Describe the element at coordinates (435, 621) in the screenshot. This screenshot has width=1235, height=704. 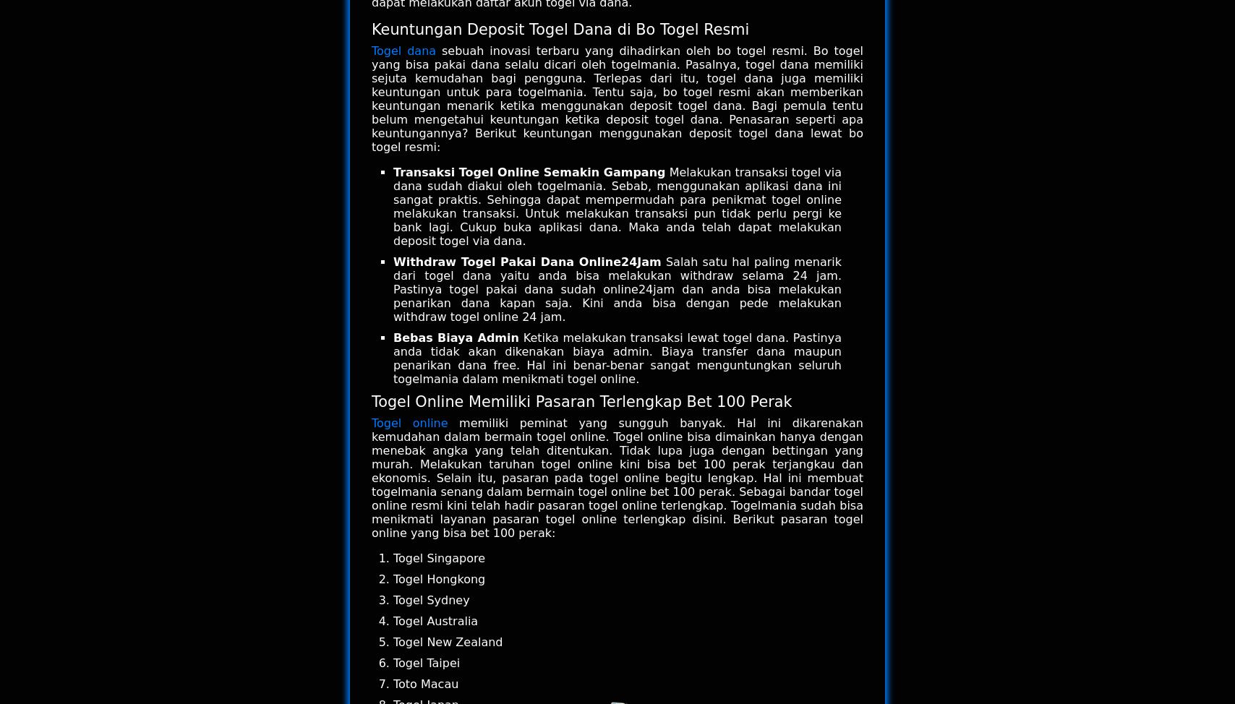
I see `'Togel Australia'` at that location.